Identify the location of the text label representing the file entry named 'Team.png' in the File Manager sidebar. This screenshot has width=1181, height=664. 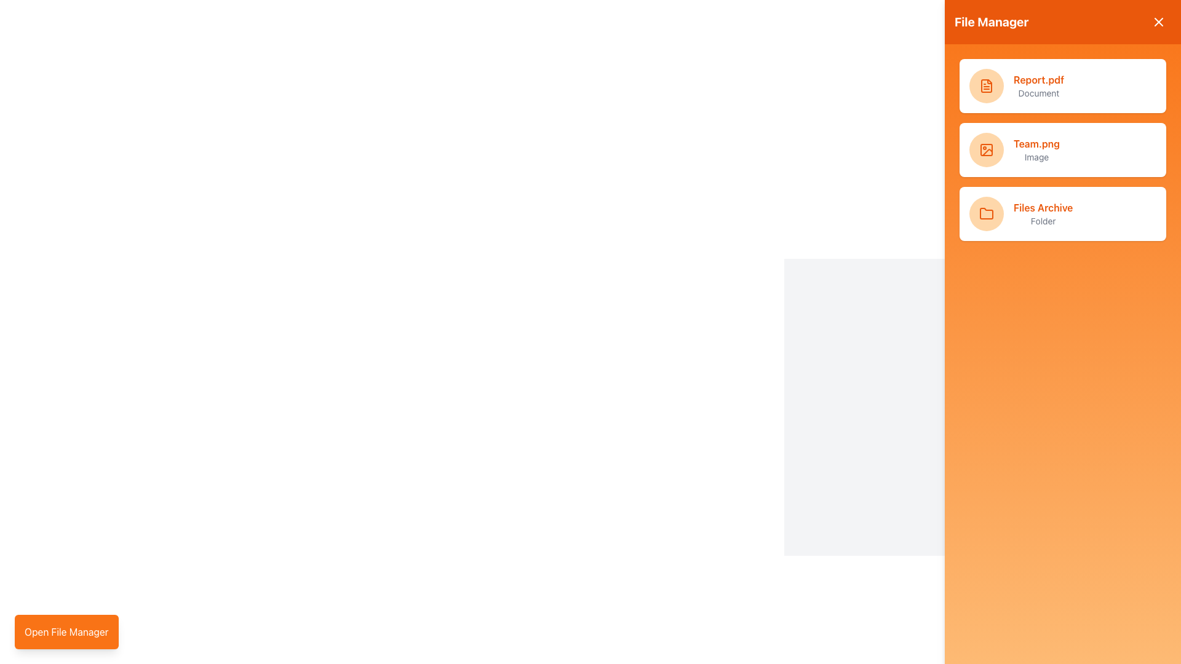
(1036, 149).